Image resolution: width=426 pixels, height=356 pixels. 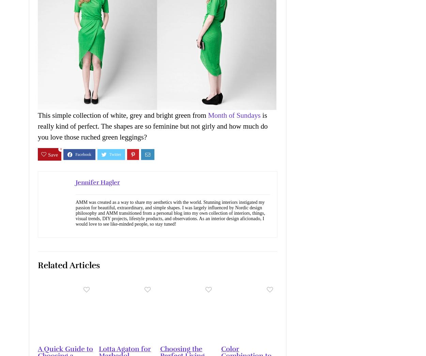 I want to click on 'Accept All', so click(x=94, y=195).